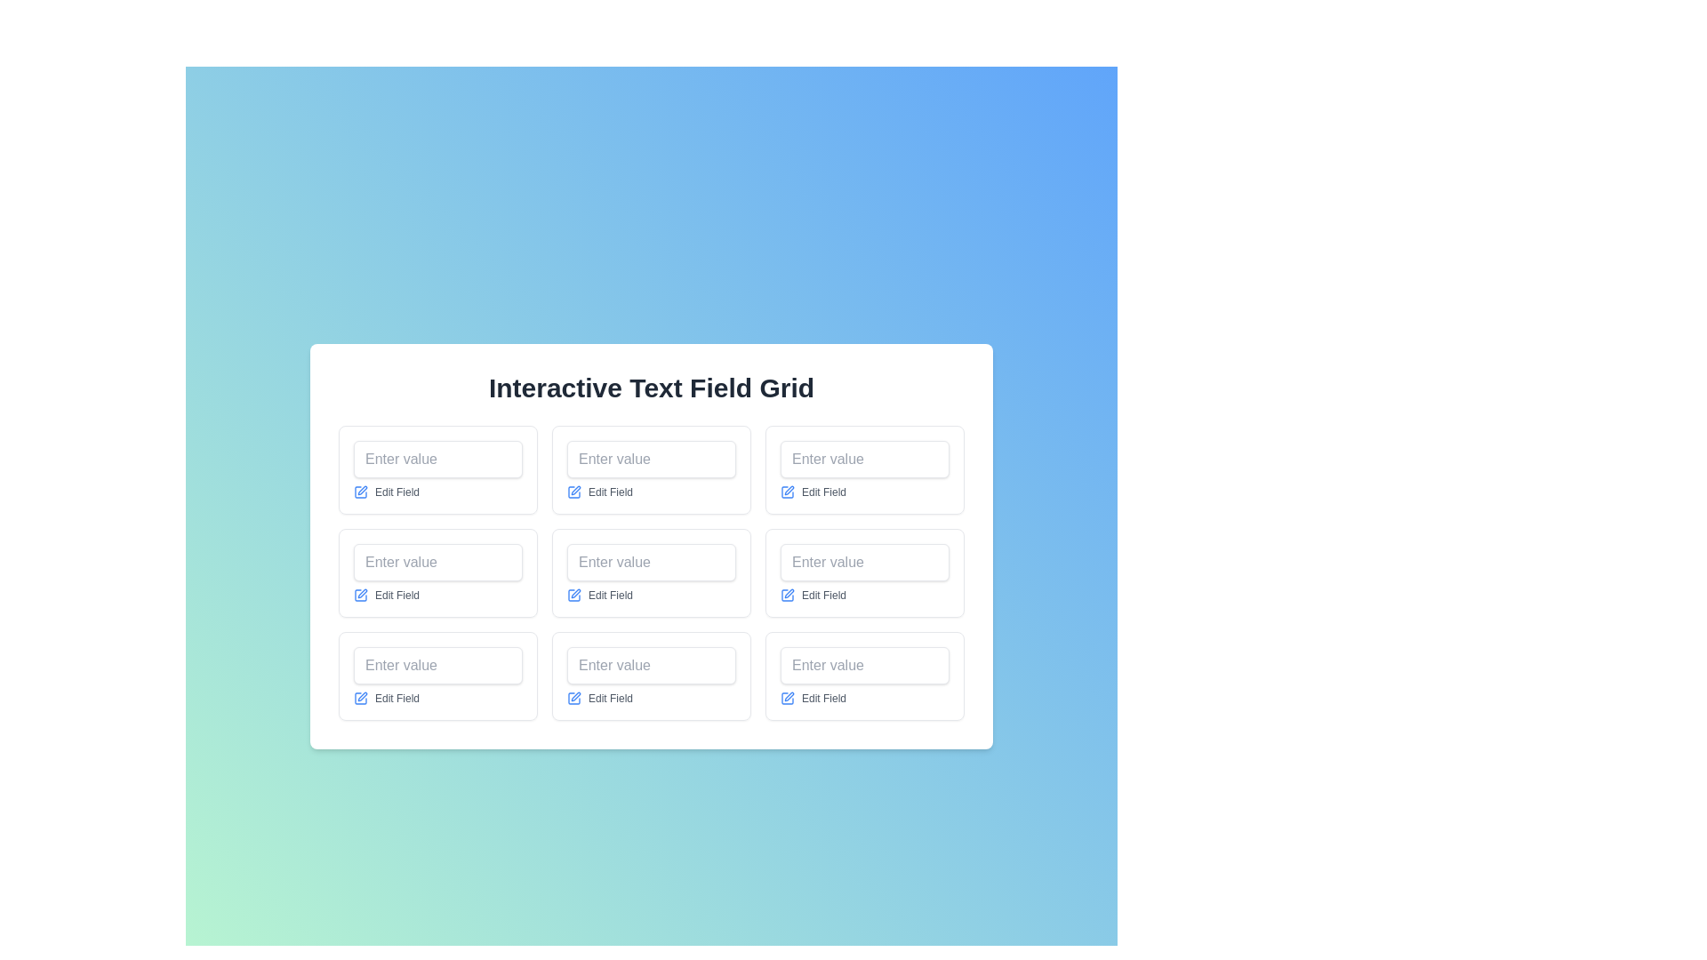 This screenshot has height=960, width=1707. I want to click on the blue pen icon located in the bottom row, middle column of the grid layout, so click(576, 593).